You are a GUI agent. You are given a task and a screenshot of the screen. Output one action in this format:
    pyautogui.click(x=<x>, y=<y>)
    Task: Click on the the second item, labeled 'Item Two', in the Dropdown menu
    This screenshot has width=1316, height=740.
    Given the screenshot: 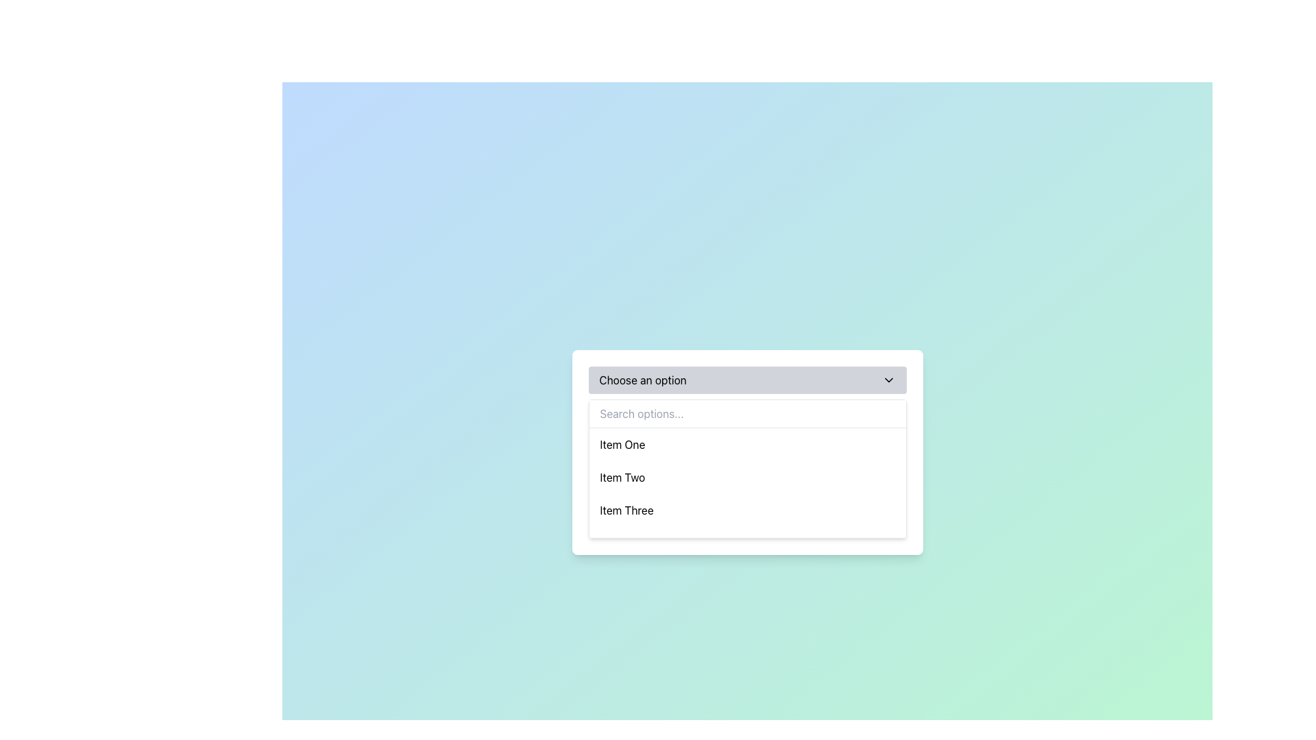 What is the action you would take?
    pyautogui.click(x=746, y=467)
    